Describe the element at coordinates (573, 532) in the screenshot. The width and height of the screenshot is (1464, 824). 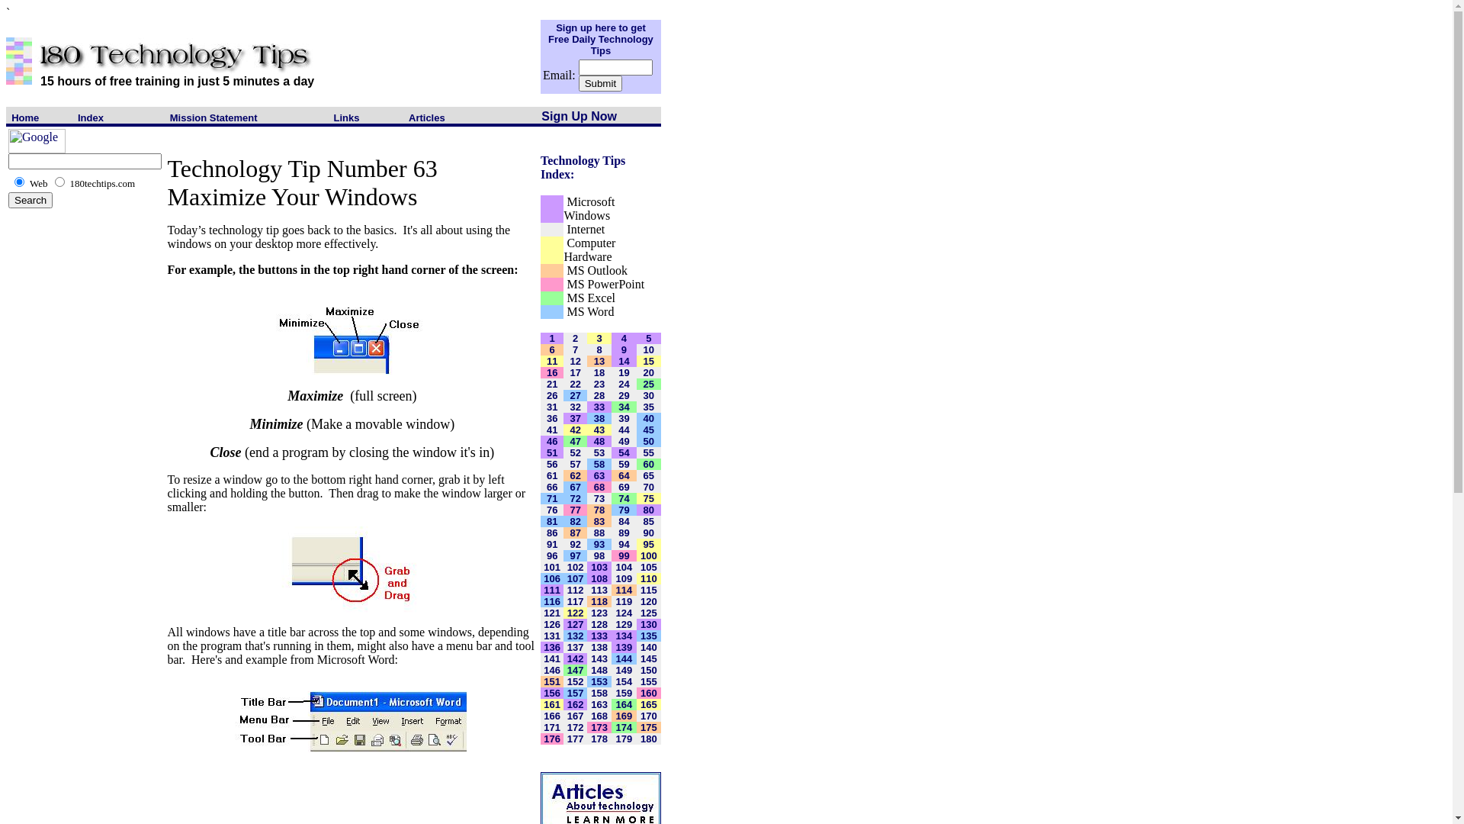
I see `'87'` at that location.